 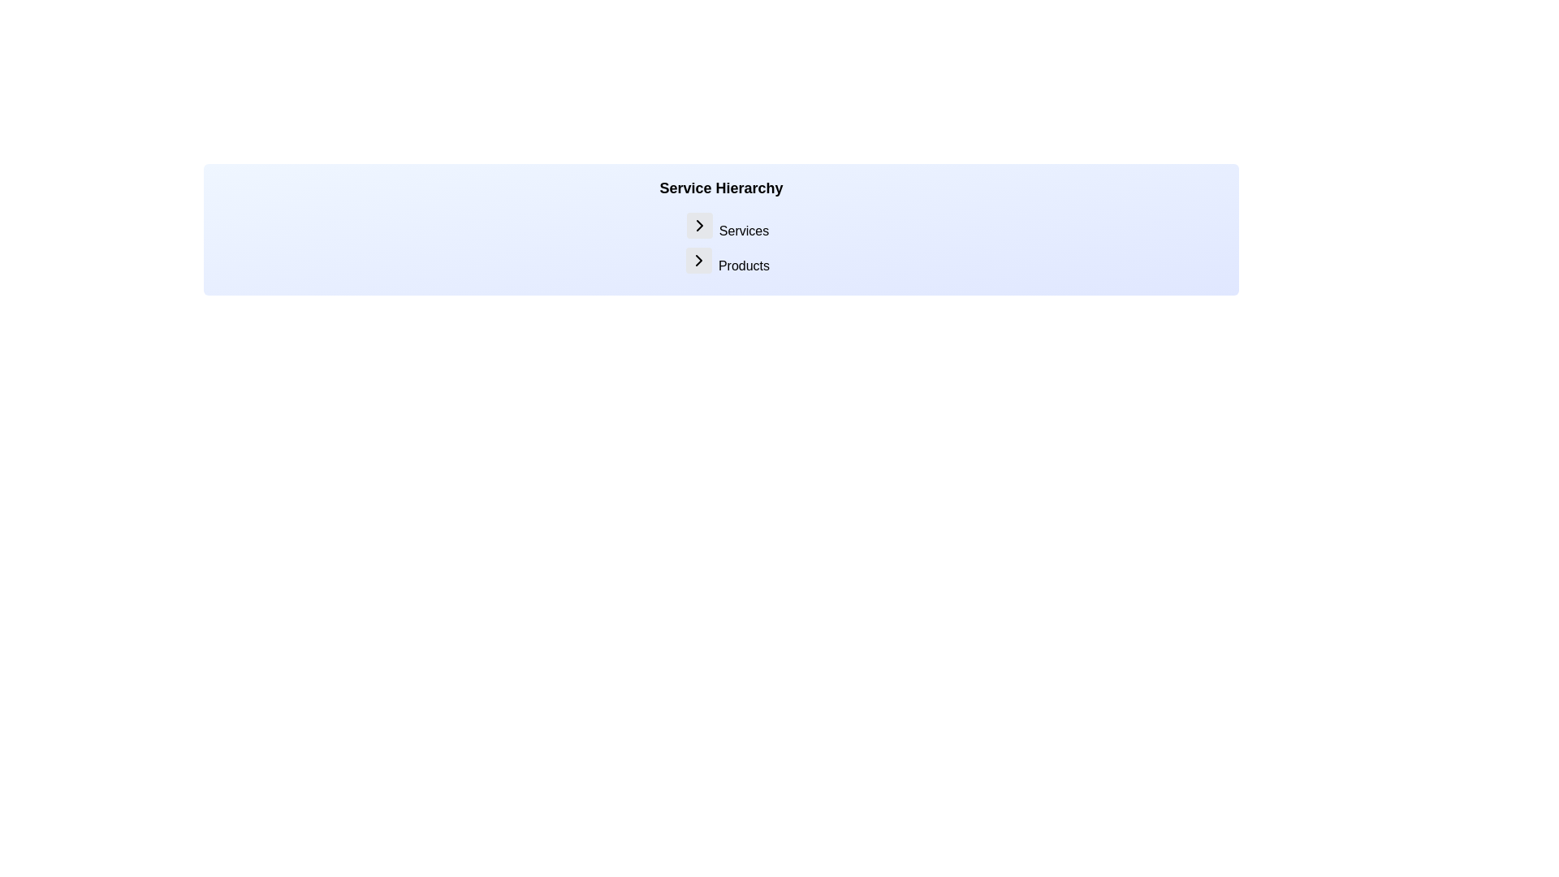 What do you see at coordinates (699, 225) in the screenshot?
I see `the right-facing arrow icon button located to the left of the text 'Services' in the 'Service Hierarchy' section to change its background color` at bounding box center [699, 225].